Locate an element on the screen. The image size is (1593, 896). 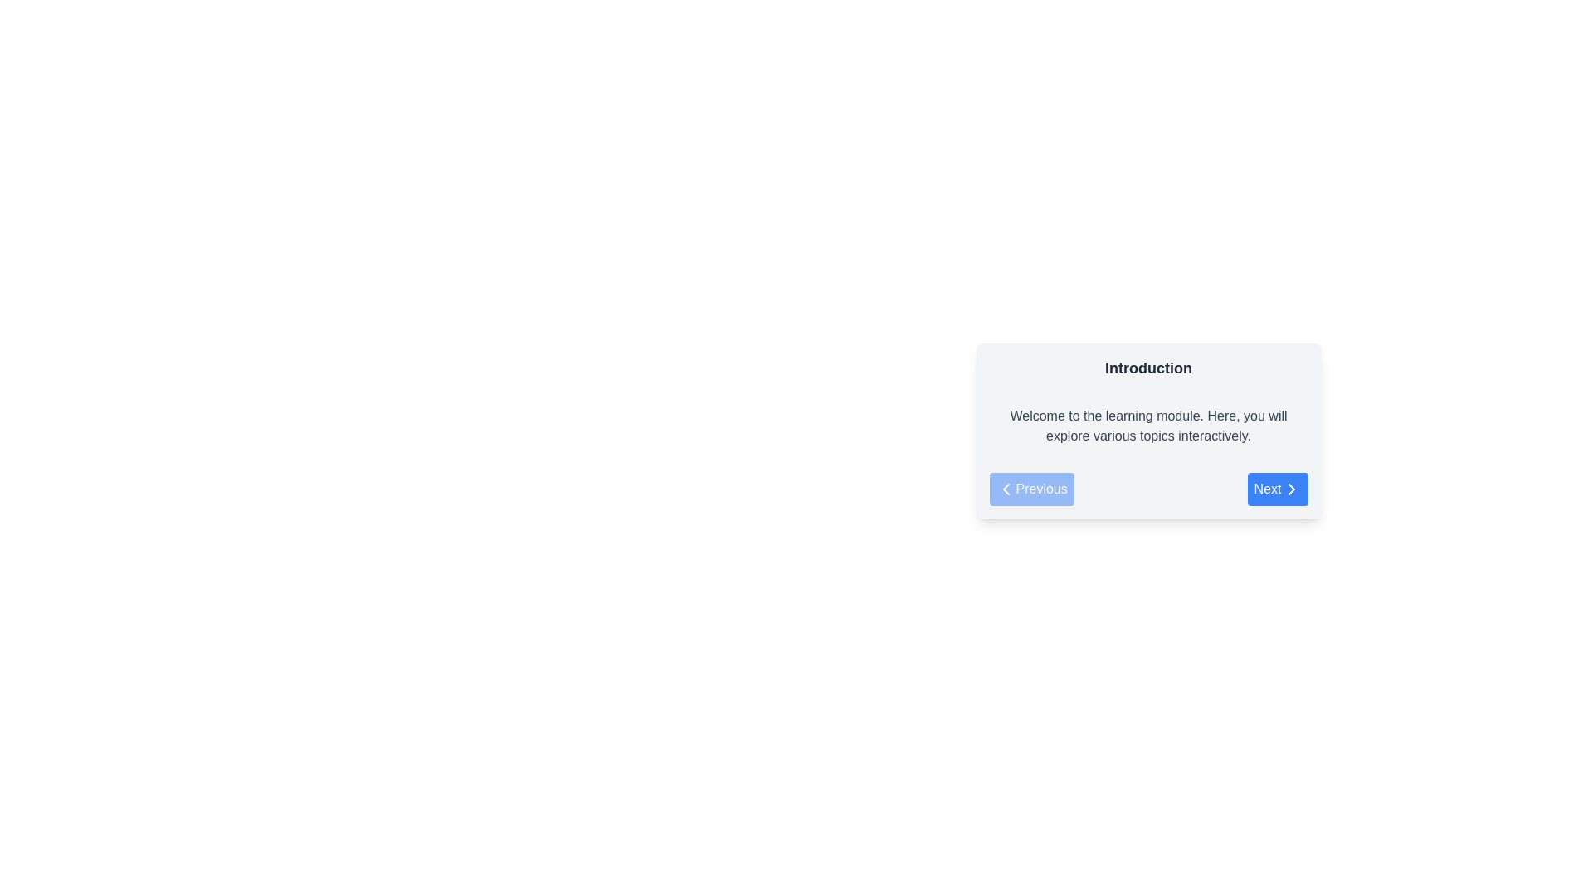
the 'Previous' button, which is a rectangular button with rounded corners, blue background, and white text, located in the bottom section of a card is located at coordinates (1030, 489).